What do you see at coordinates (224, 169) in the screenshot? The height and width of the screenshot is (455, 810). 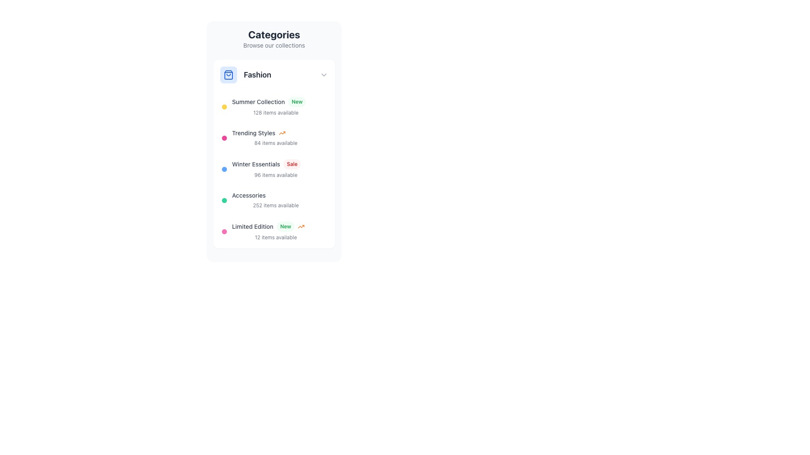 I see `the visual indicator icon located at the leftmost side of the row labeled 'Winter Essentials Sale 96 items available'` at bounding box center [224, 169].